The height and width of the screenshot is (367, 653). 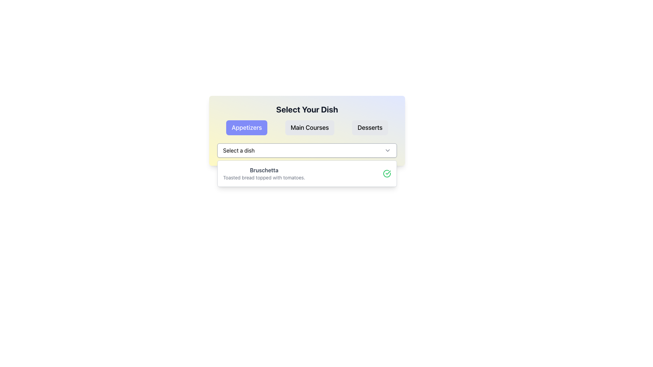 What do you see at coordinates (264, 173) in the screenshot?
I see `the first menu item option in the 'Appetizers' tab of the dish selection process` at bounding box center [264, 173].